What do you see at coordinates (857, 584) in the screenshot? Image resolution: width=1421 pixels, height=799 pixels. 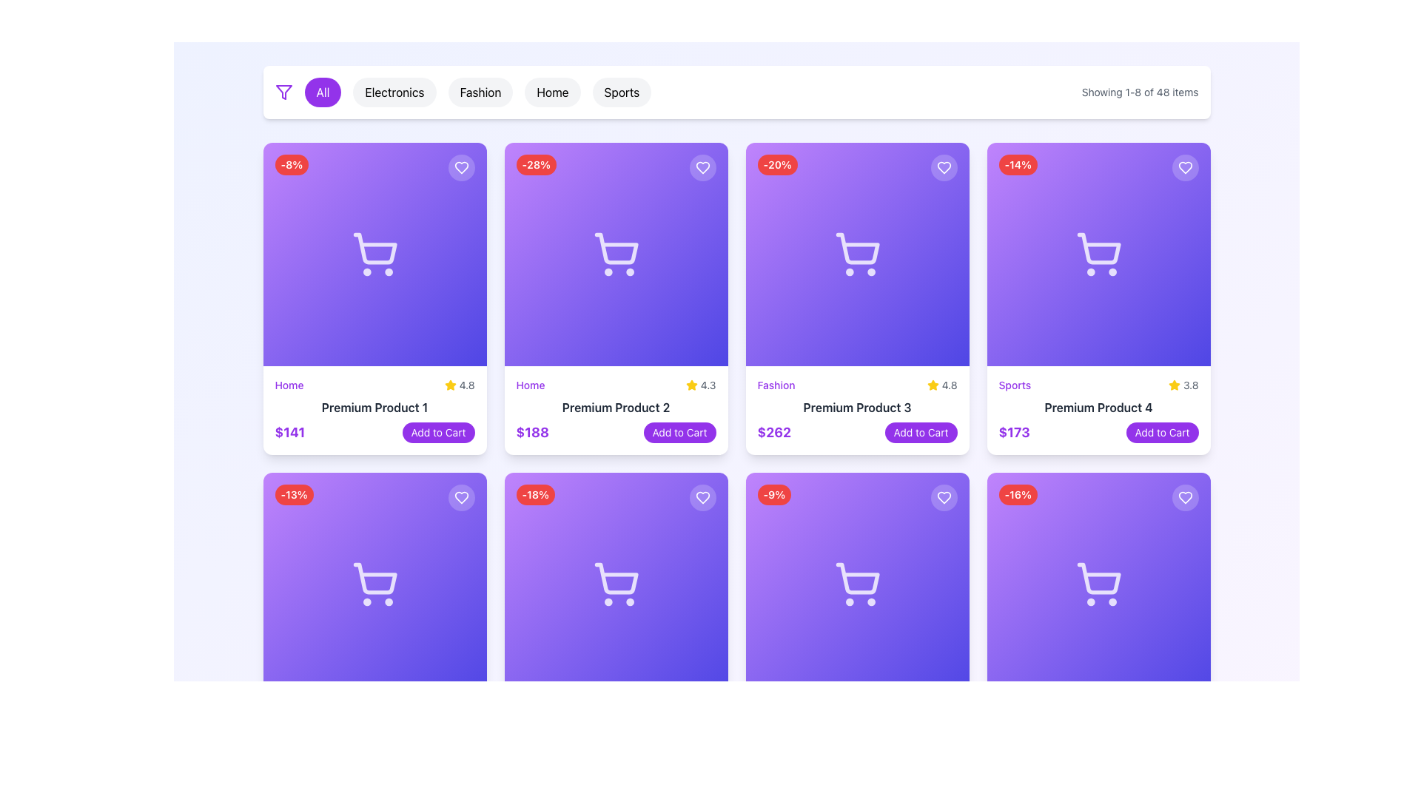 I see `the interactive product display element with a gradient background, featuring a shopping cart icon and a red badge showing '-9%', located in the fourth row and fourth column of the product listings` at bounding box center [857, 584].